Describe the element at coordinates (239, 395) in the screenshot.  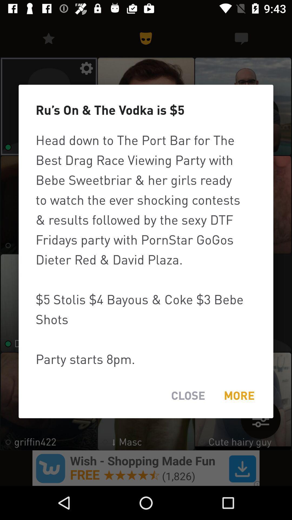
I see `item next to close` at that location.